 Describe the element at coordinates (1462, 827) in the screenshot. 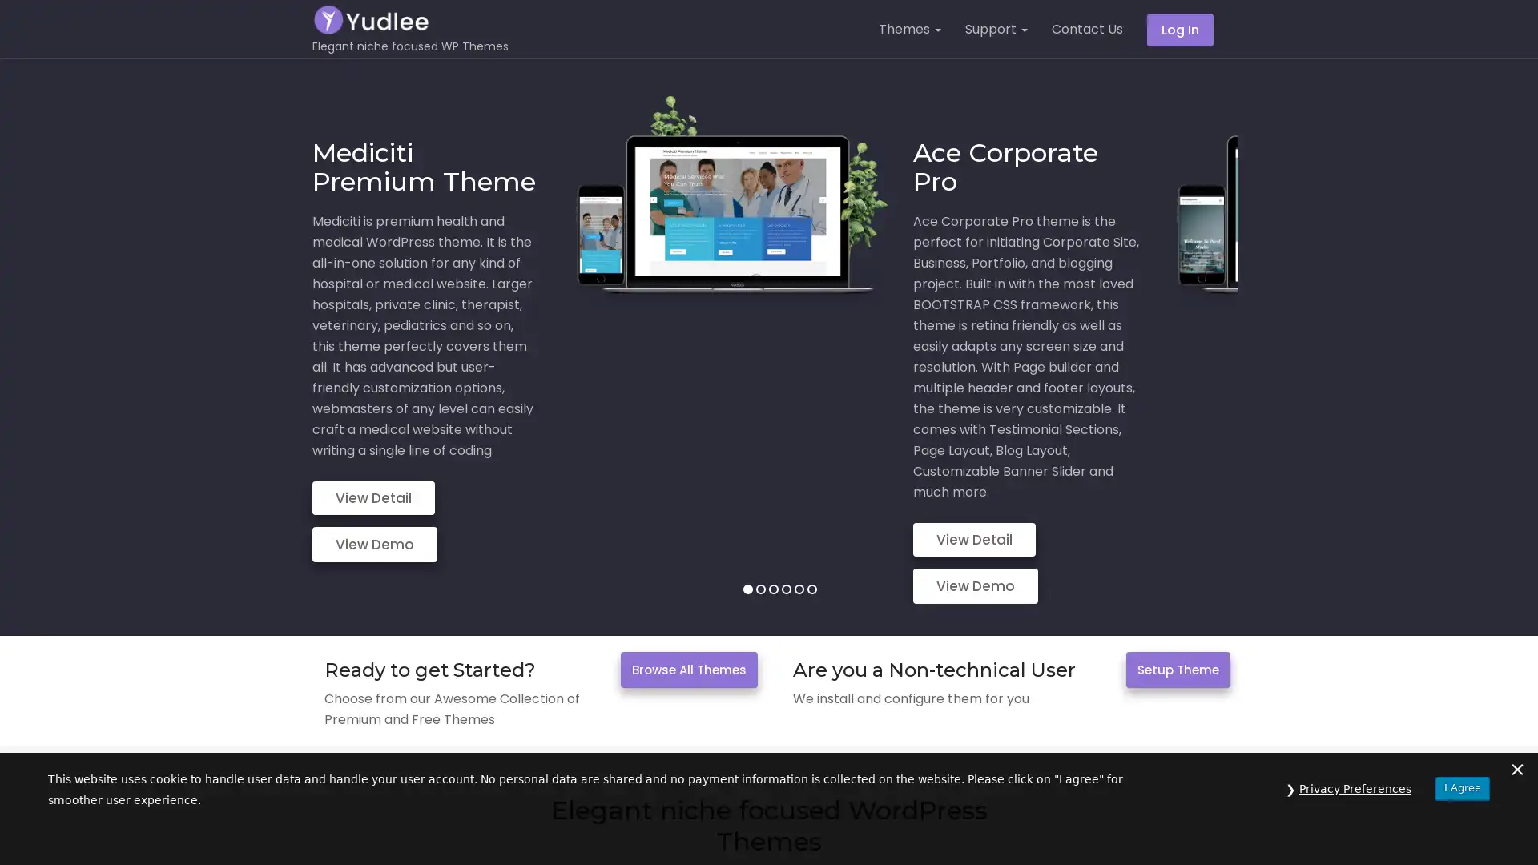

I see `I Agree` at that location.